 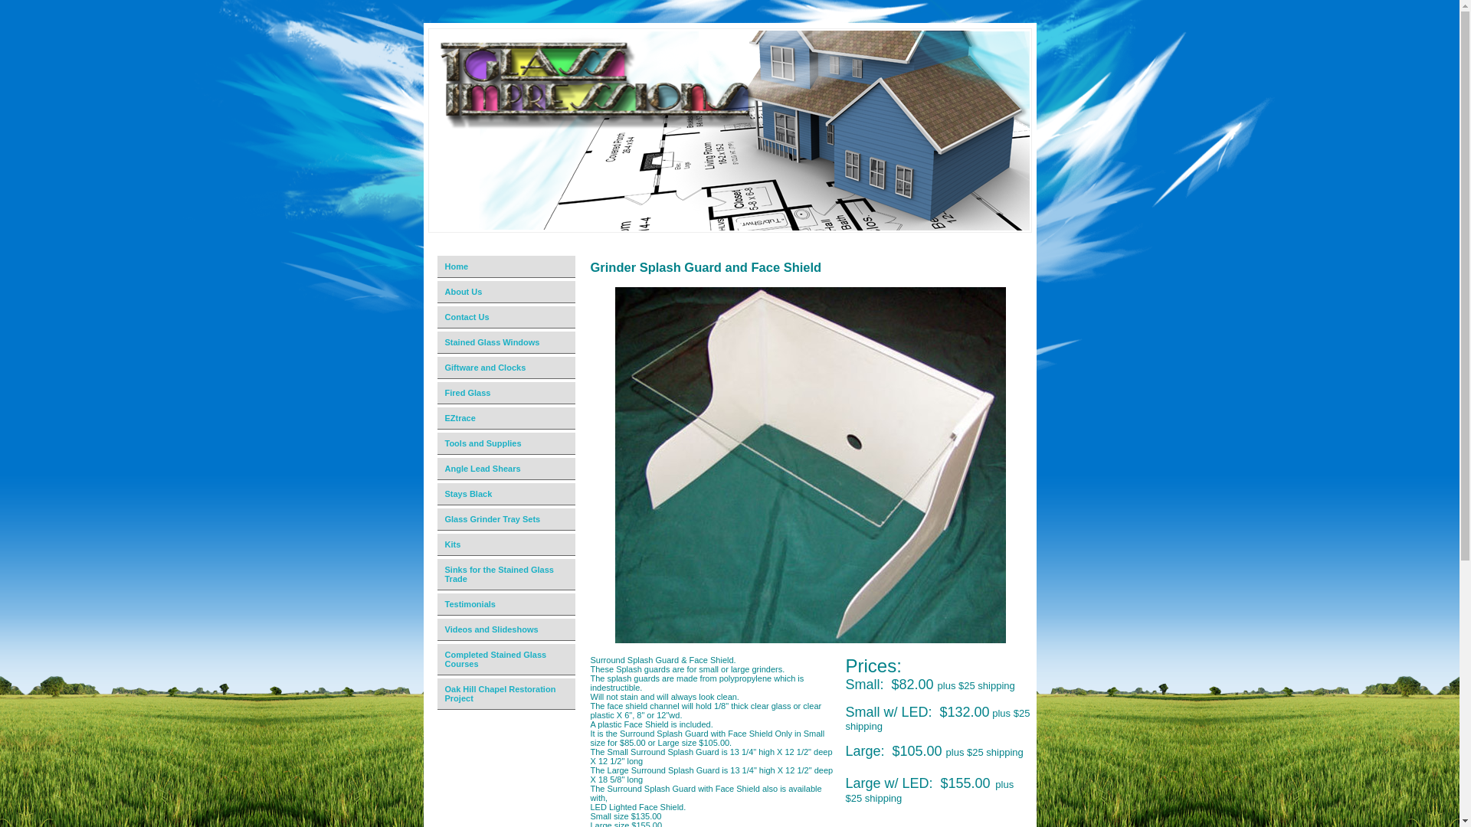 What do you see at coordinates (507, 342) in the screenshot?
I see `'Stained Glass Windows'` at bounding box center [507, 342].